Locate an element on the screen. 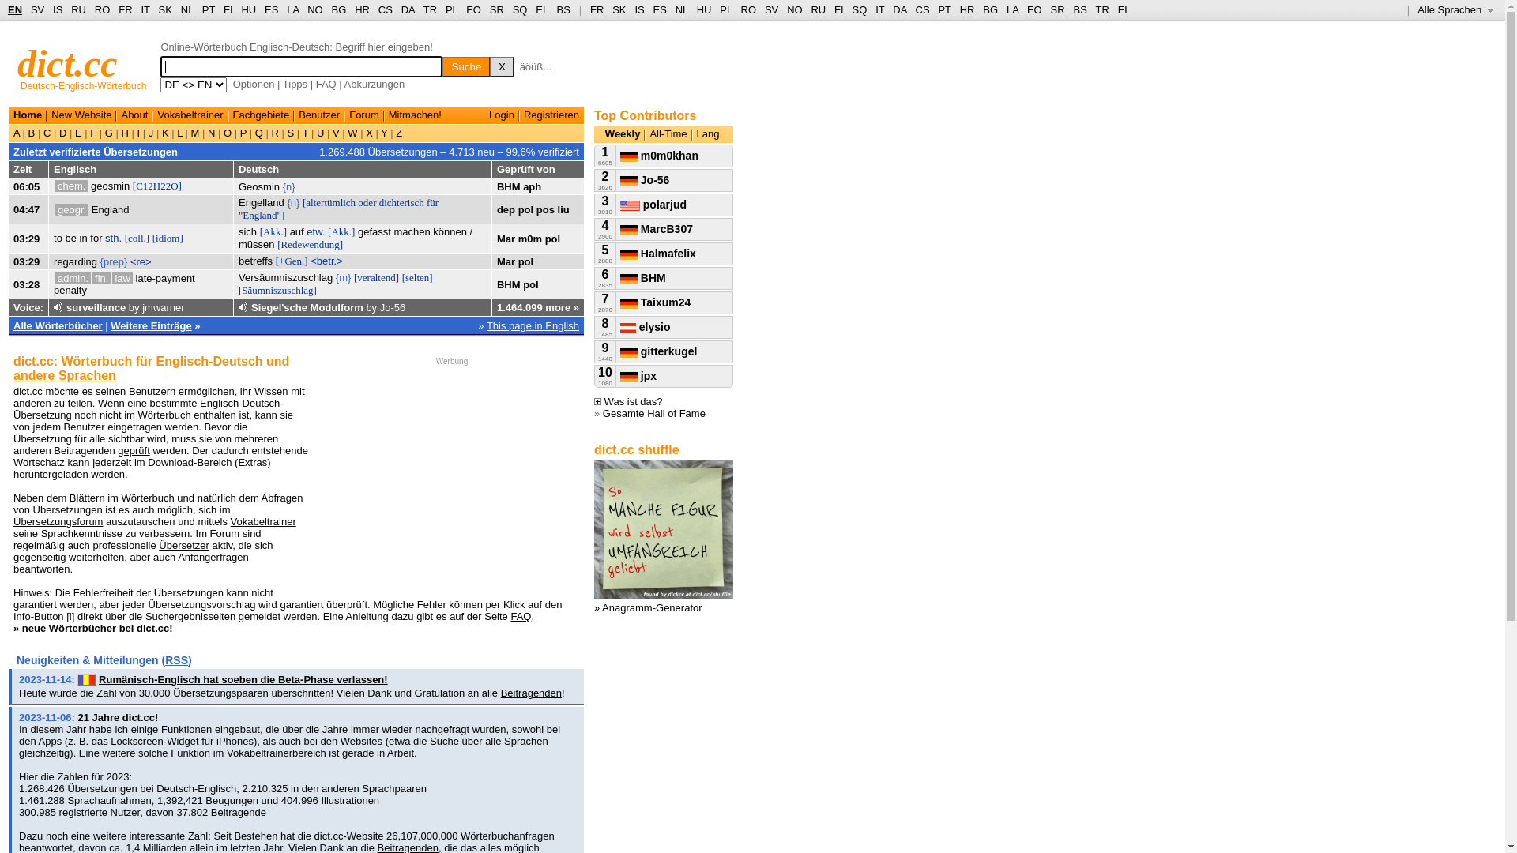  'DA' is located at coordinates (408, 9).